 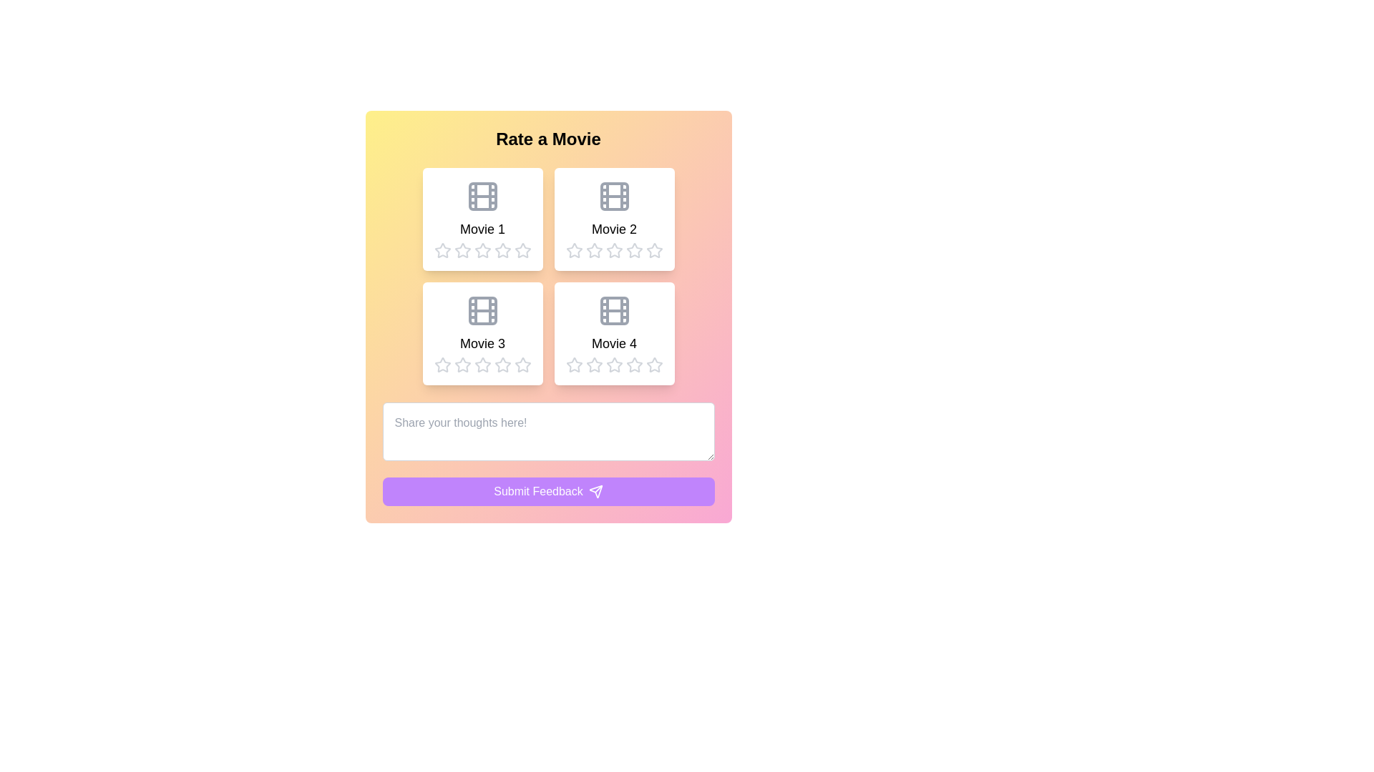 I want to click on the third star in the 5-star rating system located beneath the 'Movie 1' title, so click(x=482, y=250).